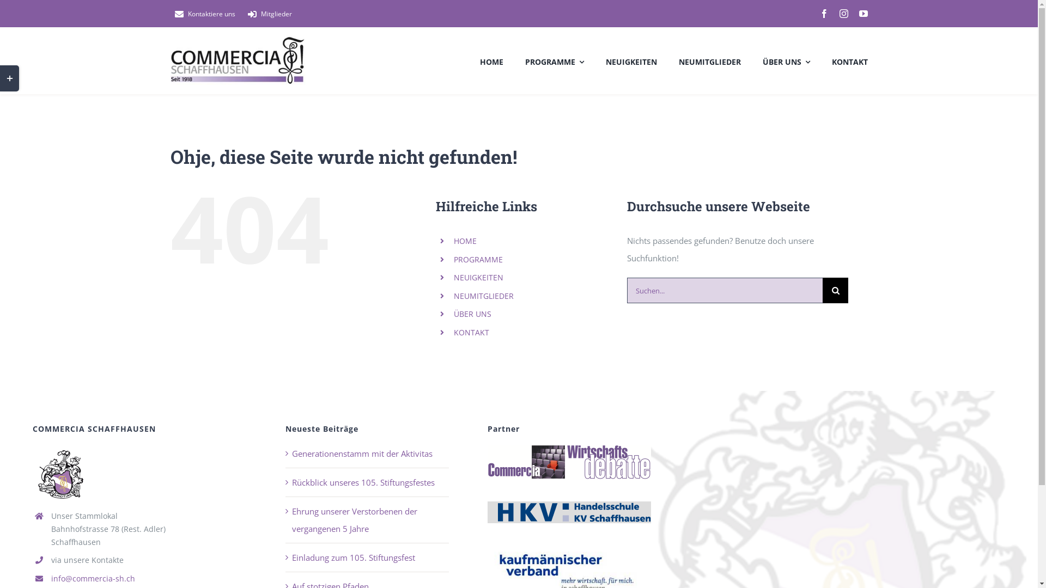 The height and width of the screenshot is (588, 1046). I want to click on 'Mitglieder', so click(267, 14).